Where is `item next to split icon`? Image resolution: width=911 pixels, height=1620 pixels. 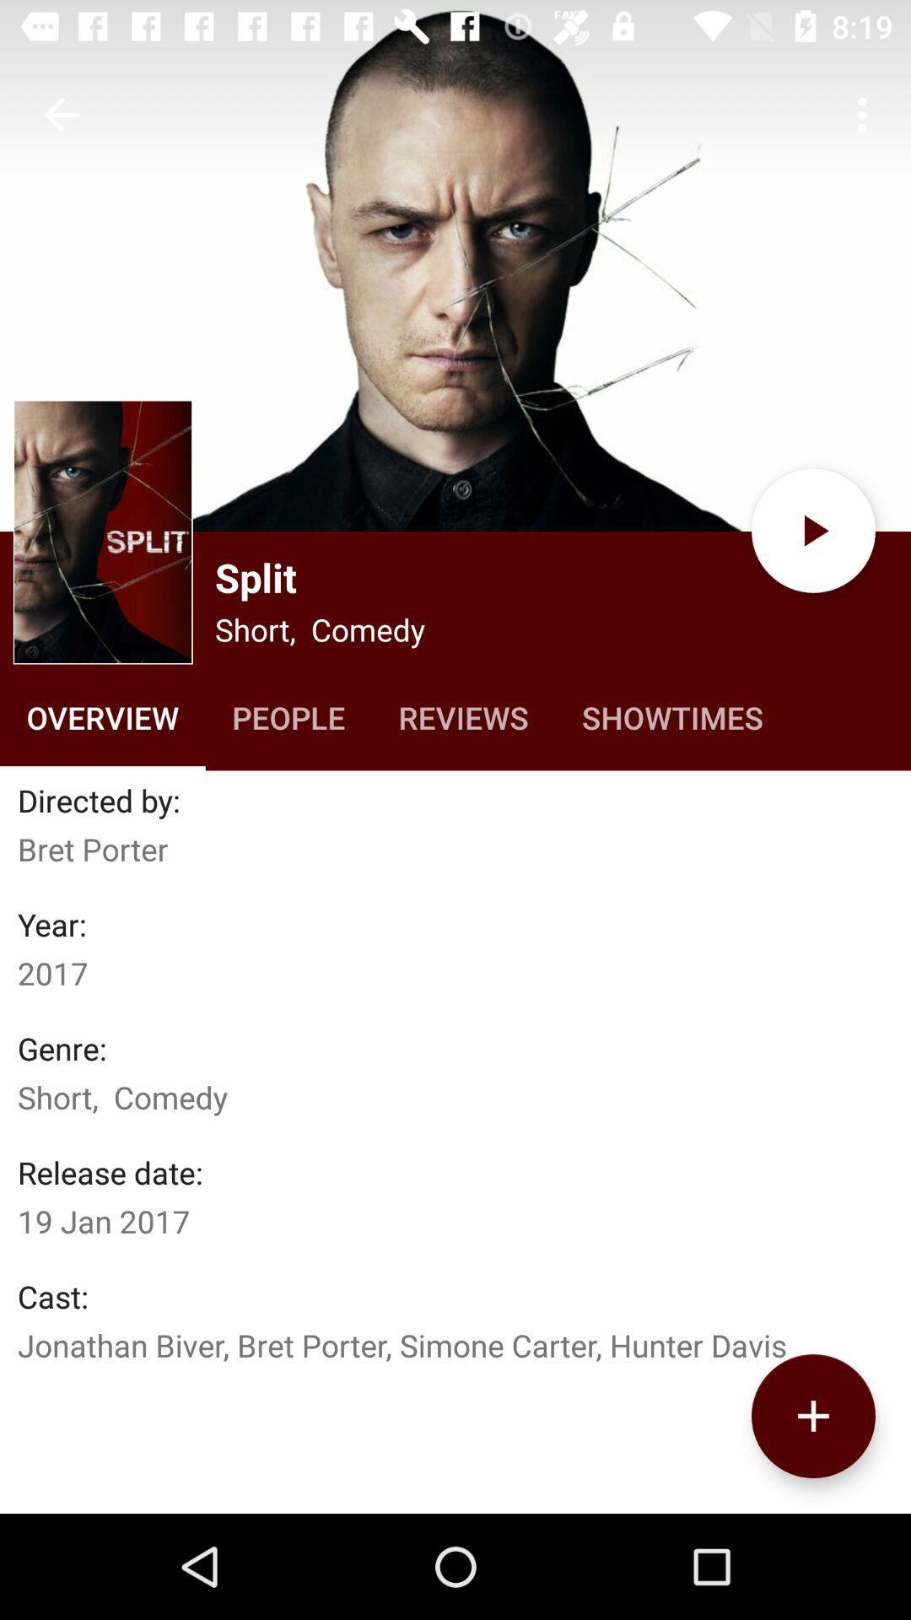 item next to split icon is located at coordinates (103, 531).